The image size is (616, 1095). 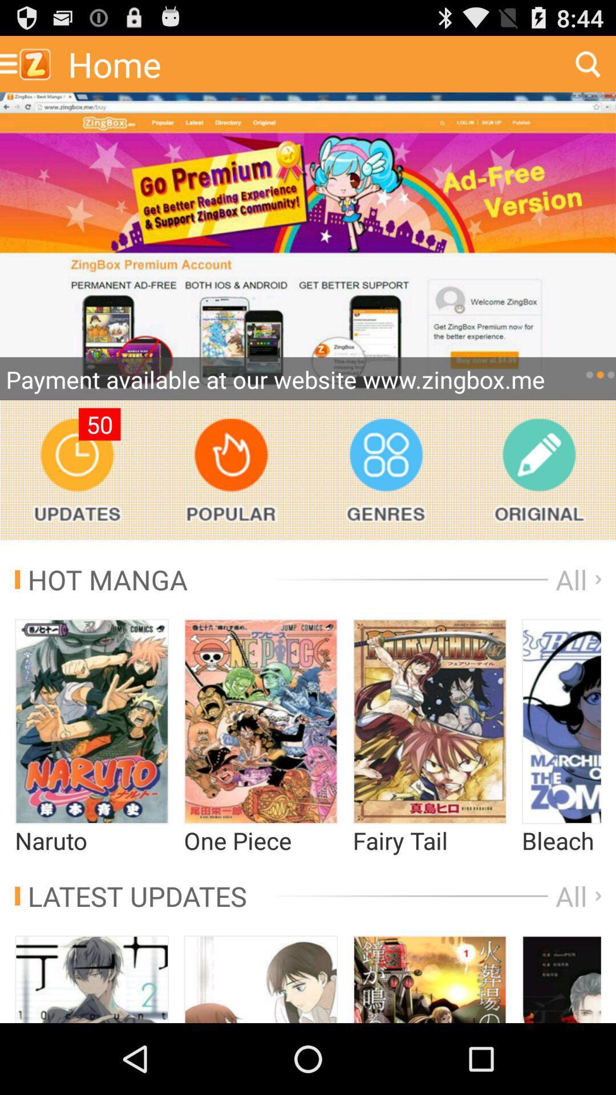 I want to click on the icon next to the all app, so click(x=130, y=895).